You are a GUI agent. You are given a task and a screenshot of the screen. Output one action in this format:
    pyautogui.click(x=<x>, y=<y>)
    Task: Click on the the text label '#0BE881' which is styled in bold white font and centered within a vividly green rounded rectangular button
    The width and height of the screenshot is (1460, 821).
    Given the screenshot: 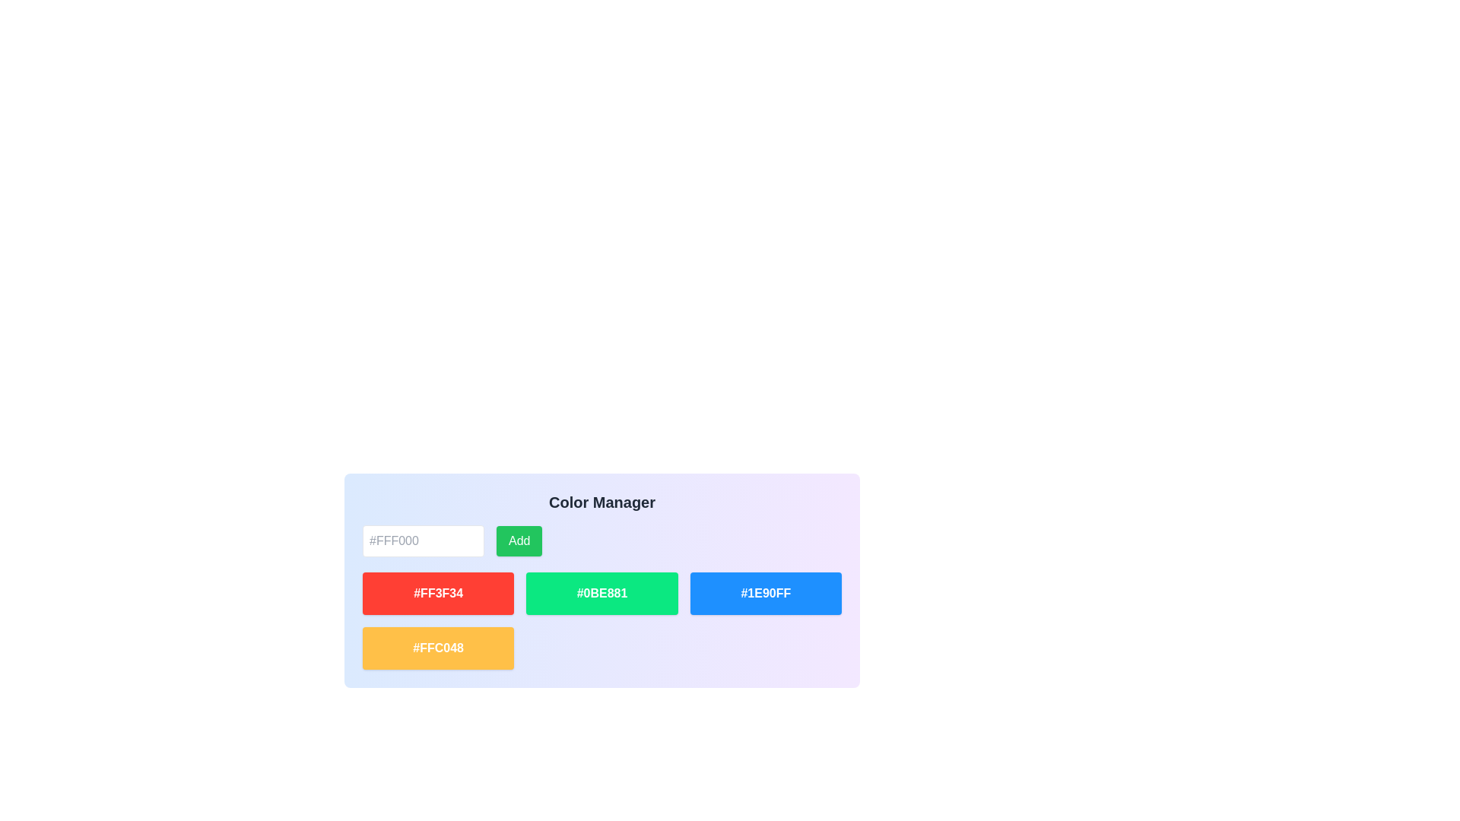 What is the action you would take?
    pyautogui.click(x=601, y=592)
    